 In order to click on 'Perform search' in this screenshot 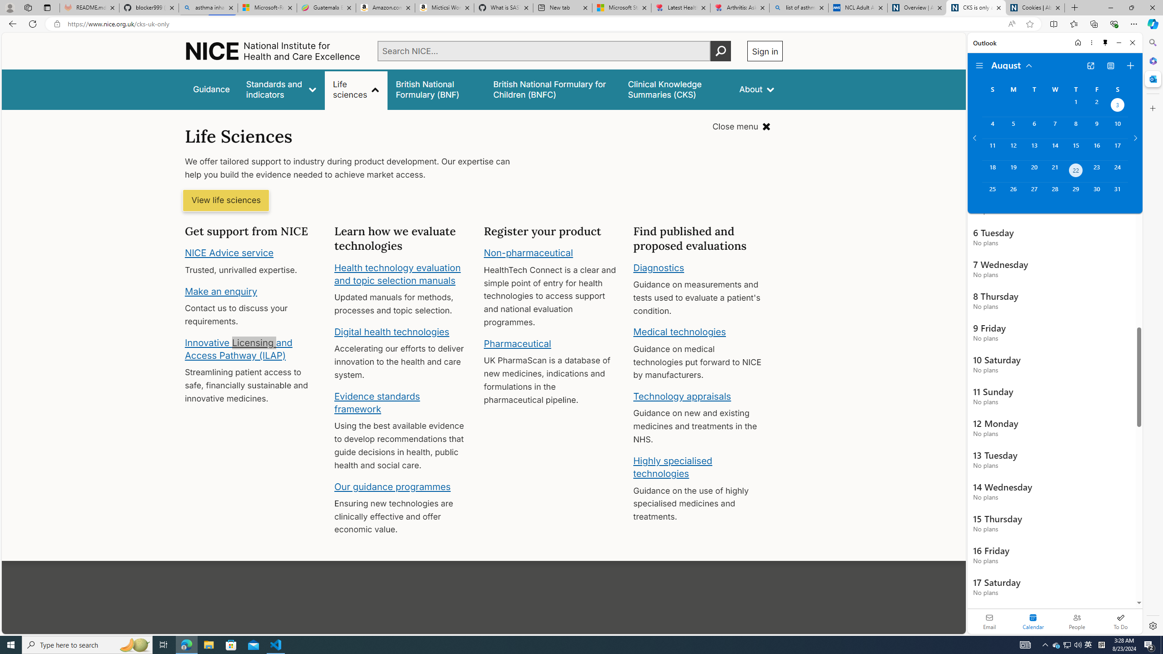, I will do `click(721, 50)`.